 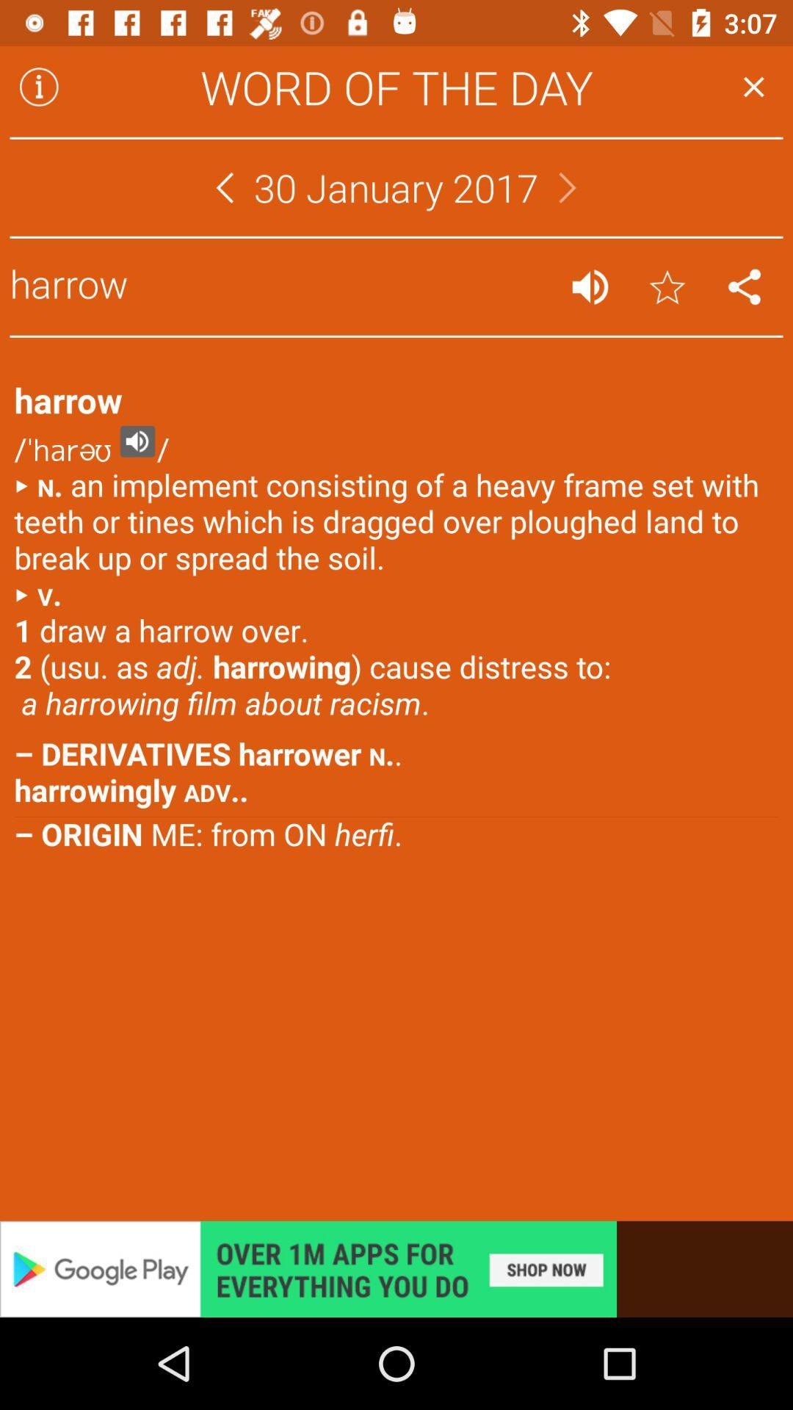 What do you see at coordinates (589, 286) in the screenshot?
I see `sound option` at bounding box center [589, 286].